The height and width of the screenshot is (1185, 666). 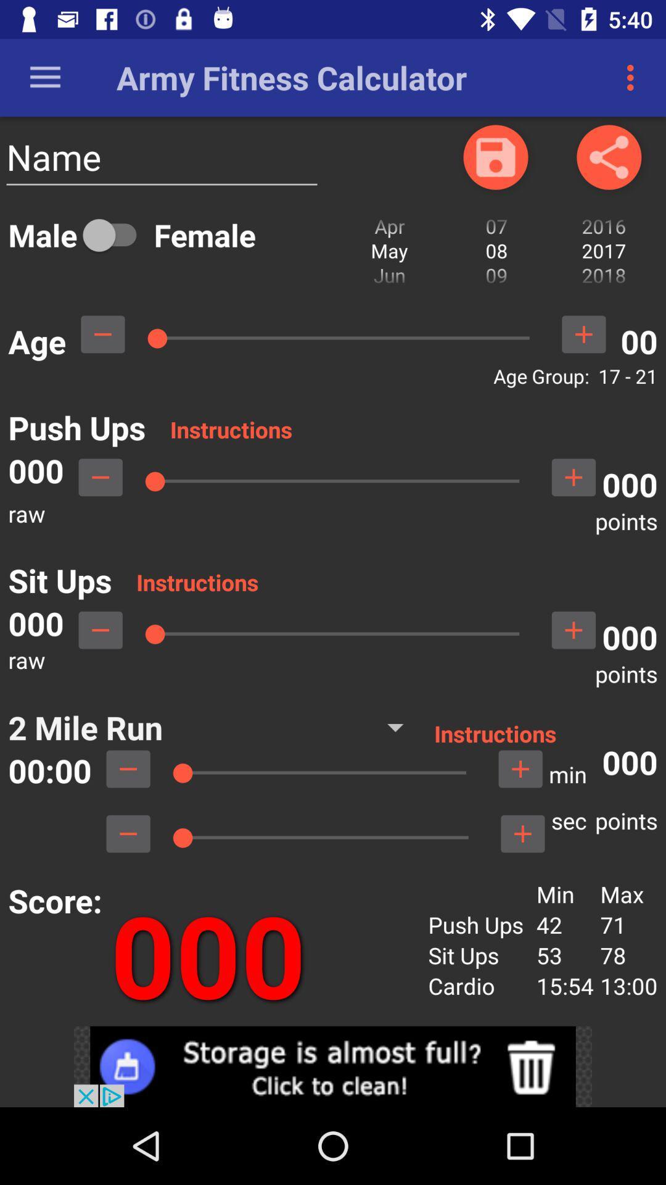 I want to click on click the plus points, so click(x=522, y=834).